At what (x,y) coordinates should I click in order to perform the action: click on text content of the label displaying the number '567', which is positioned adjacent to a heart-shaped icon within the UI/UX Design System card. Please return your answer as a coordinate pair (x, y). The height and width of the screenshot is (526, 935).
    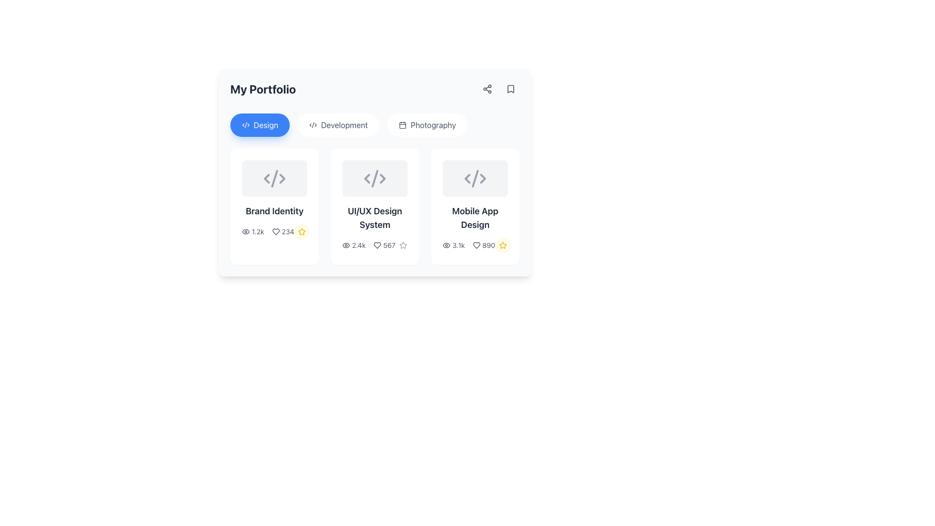
    Looking at the image, I should click on (384, 245).